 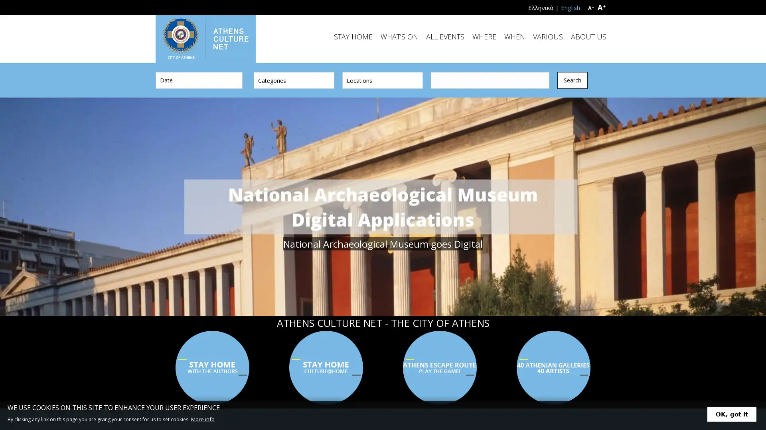 I want to click on Search, so click(x=572, y=80).